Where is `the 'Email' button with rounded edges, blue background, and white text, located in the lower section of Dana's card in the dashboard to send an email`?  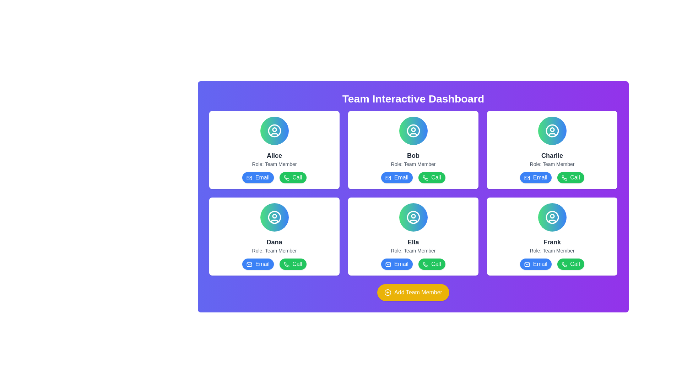
the 'Email' button with rounded edges, blue background, and white text, located in the lower section of Dana's card in the dashboard to send an email is located at coordinates (258, 264).